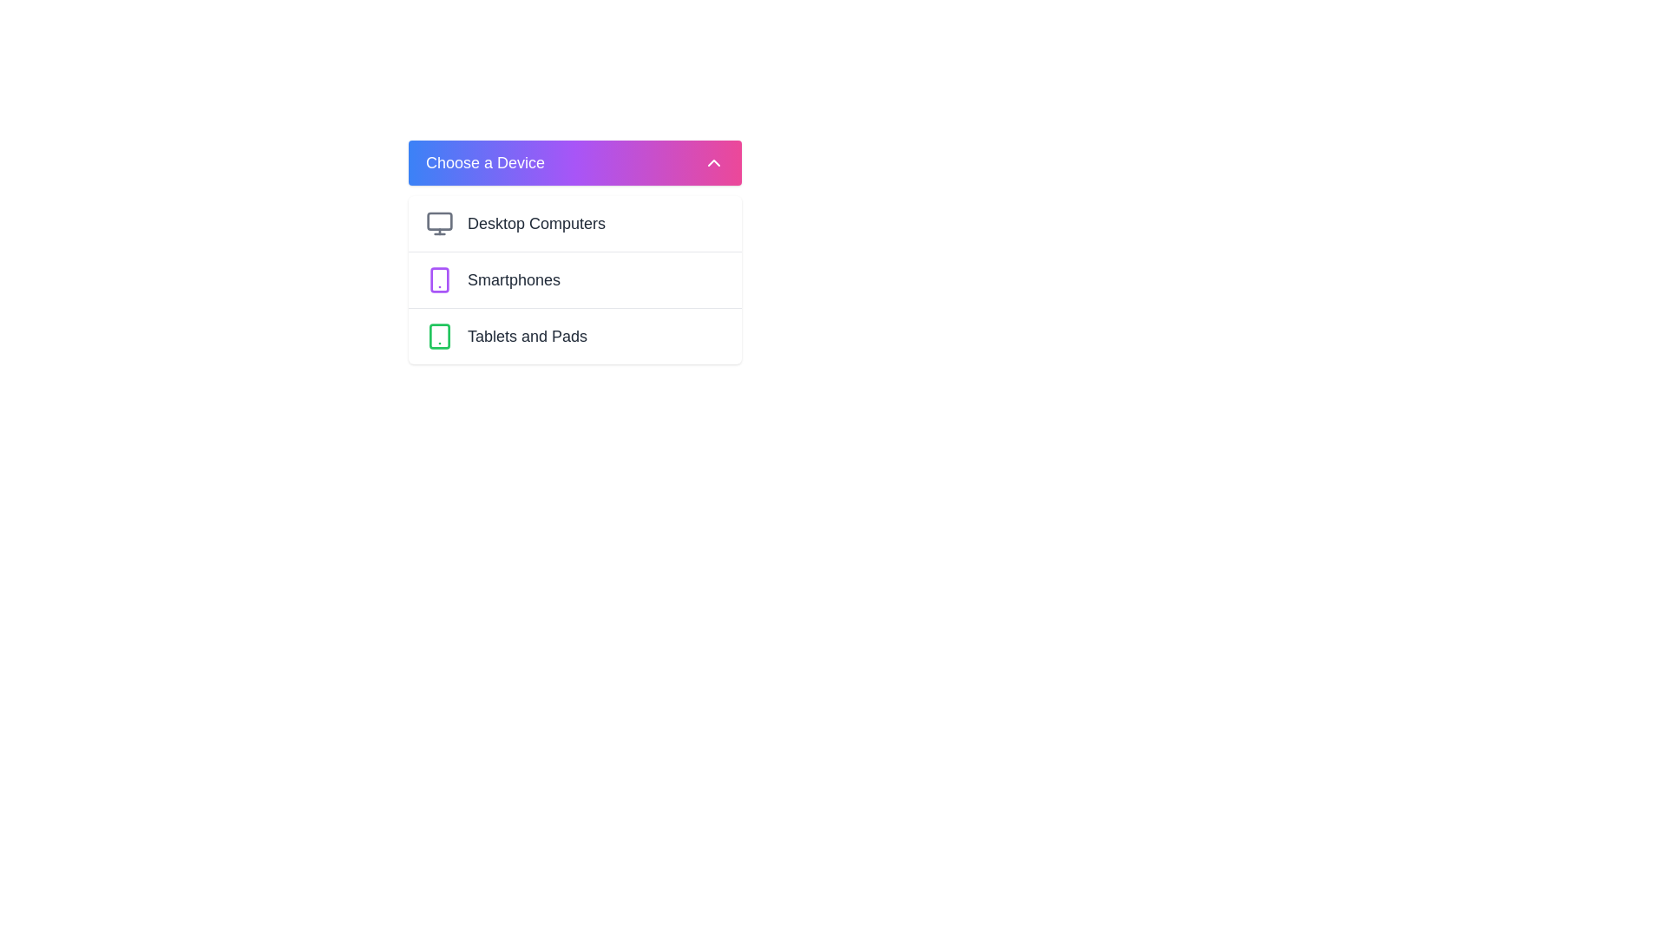  Describe the element at coordinates (440, 279) in the screenshot. I see `the 'Smartphones' menu icon, which is an SVG graphic located in the second group of the menu, to the left of the text label 'Smartphones'` at that location.